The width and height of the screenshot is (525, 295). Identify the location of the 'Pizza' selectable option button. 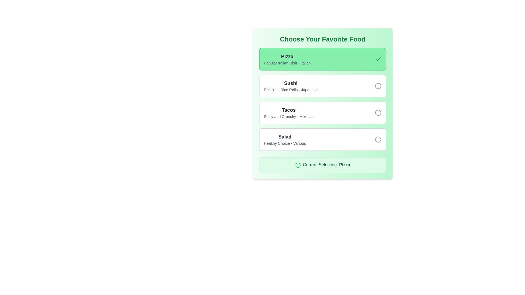
(323, 59).